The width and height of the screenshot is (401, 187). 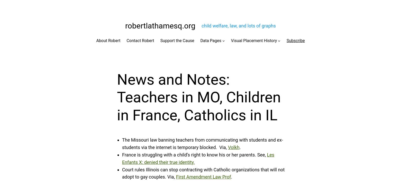 I want to click on 'First Amendment Law Prof', so click(x=203, y=177).